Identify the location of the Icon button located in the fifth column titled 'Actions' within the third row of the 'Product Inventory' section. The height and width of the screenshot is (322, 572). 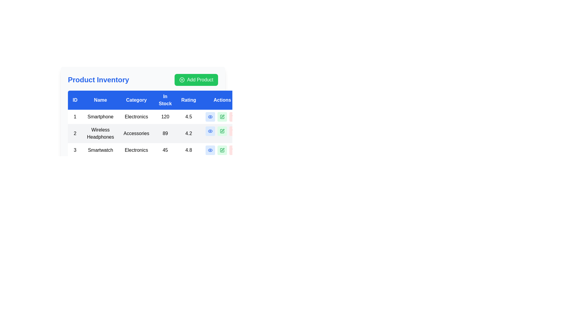
(210, 150).